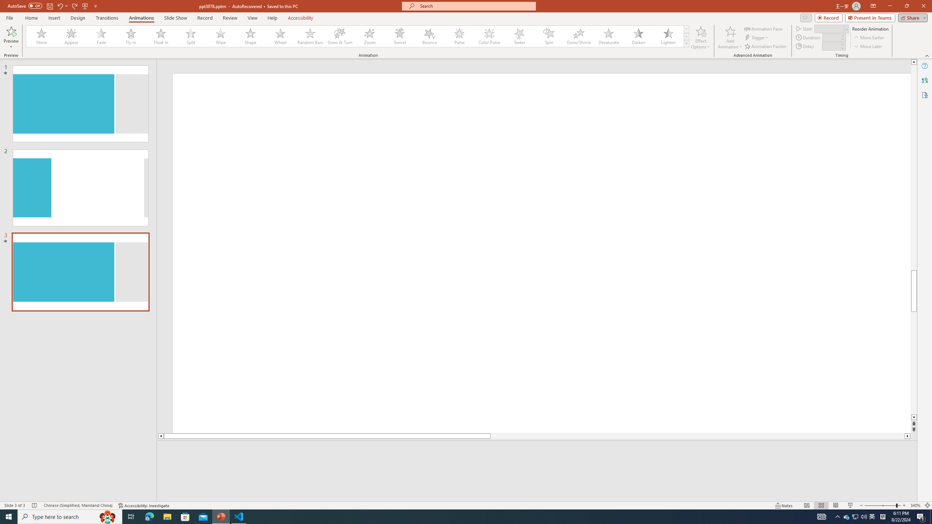 This screenshot has height=524, width=932. Describe the element at coordinates (764, 28) in the screenshot. I see `'Animation Pane'` at that location.